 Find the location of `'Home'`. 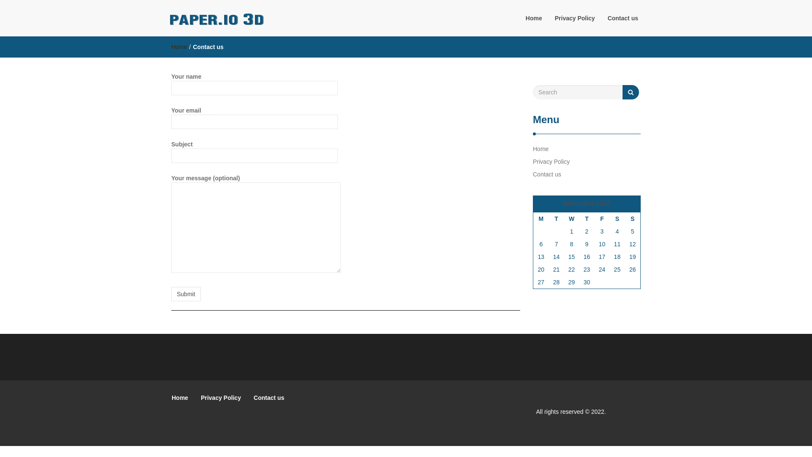

'Home' is located at coordinates (533, 18).